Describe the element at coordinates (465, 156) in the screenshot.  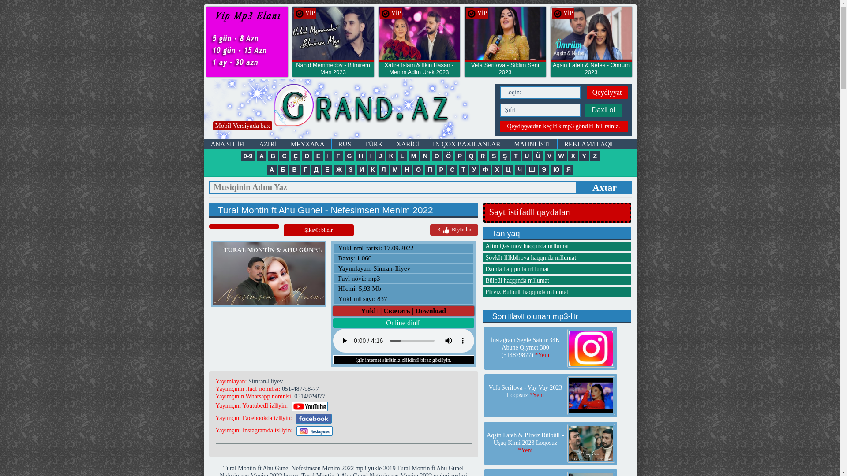
I see `'Q'` at that location.